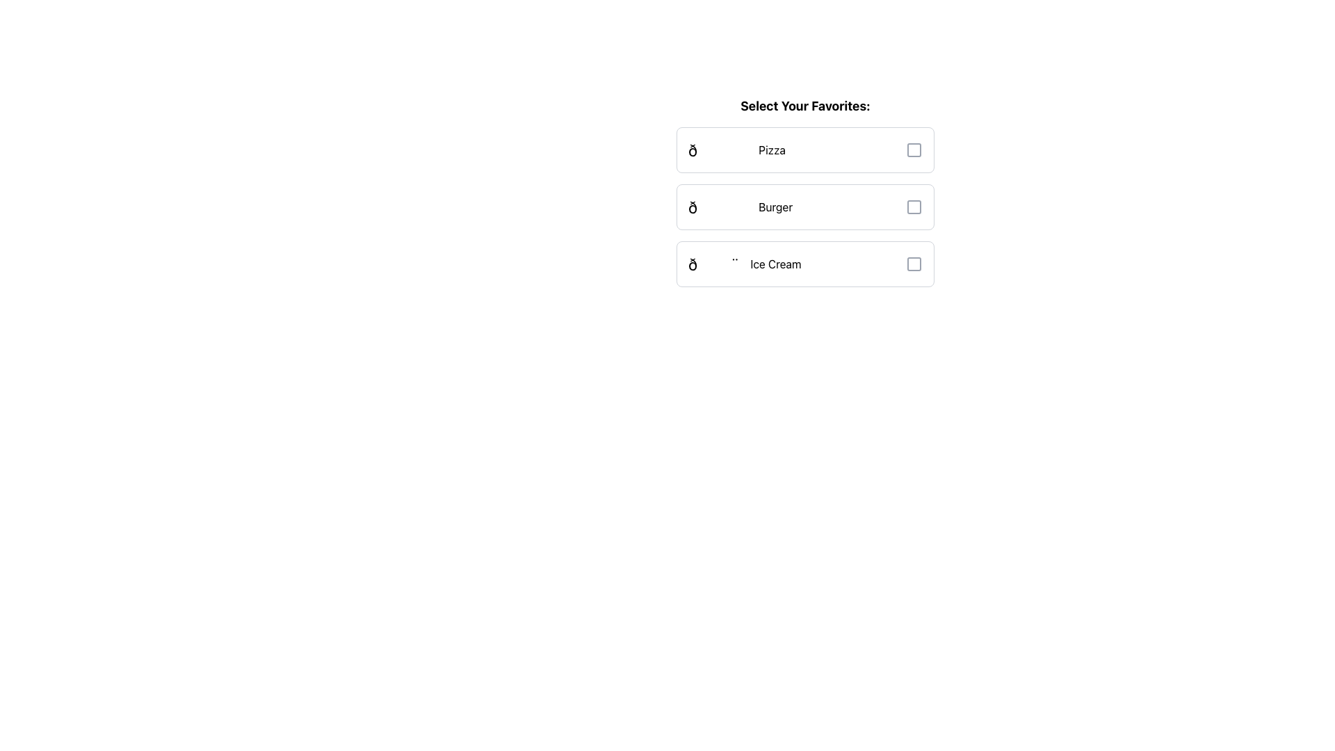 The height and width of the screenshot is (751, 1335). I want to click on the SVG vector graphic representing 'Ice Cream' located at the far-right of its list item, adjacent to the checkbox, so click(914, 264).